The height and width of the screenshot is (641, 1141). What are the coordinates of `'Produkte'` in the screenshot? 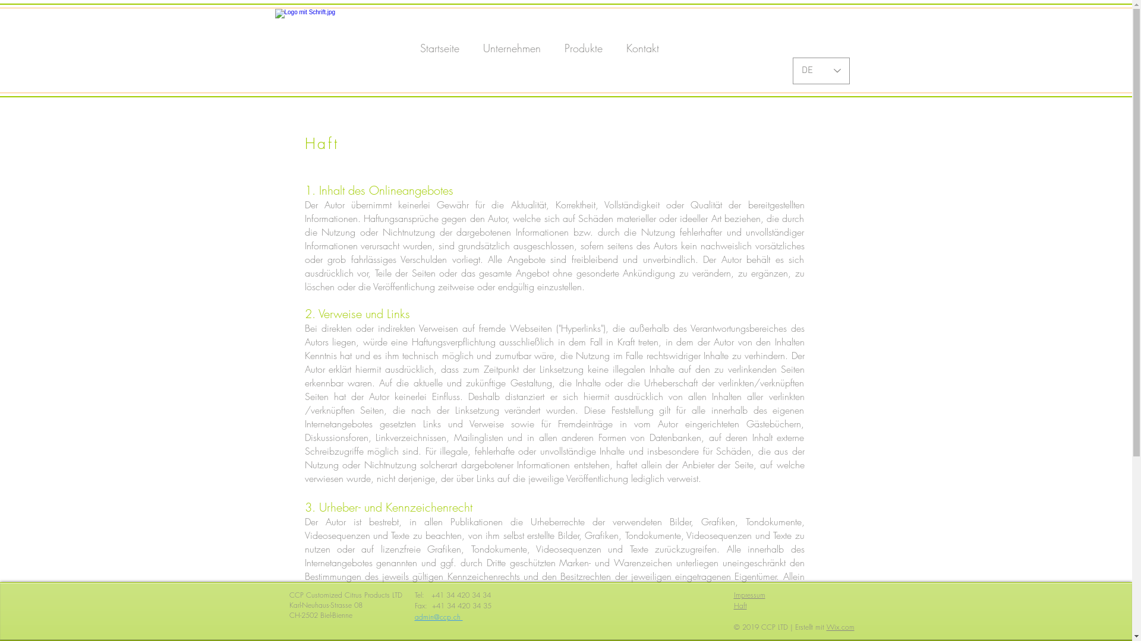 It's located at (584, 47).